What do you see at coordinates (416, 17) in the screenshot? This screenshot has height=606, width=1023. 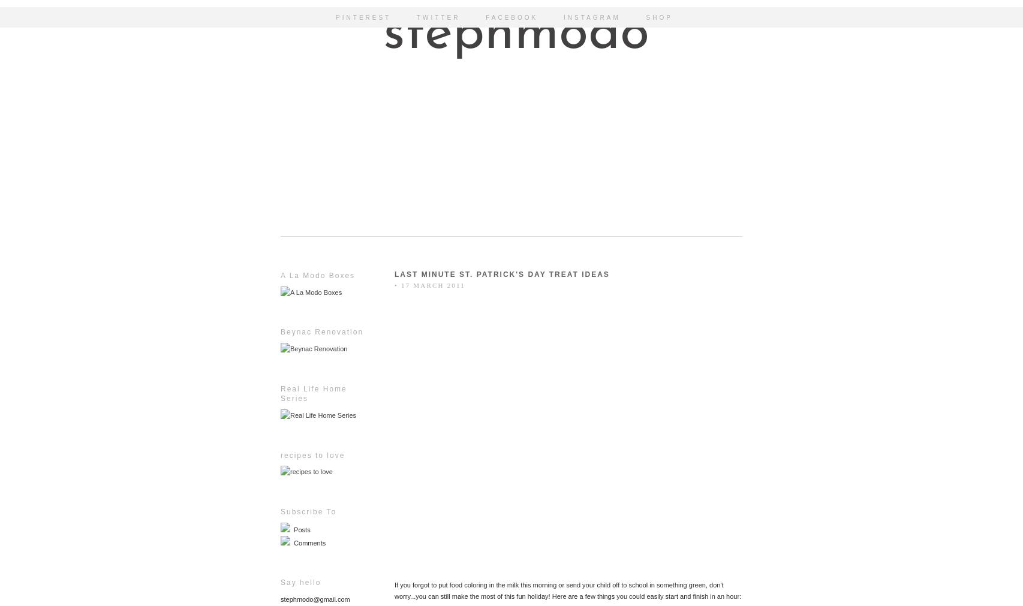 I see `'TWITTER'` at bounding box center [416, 17].